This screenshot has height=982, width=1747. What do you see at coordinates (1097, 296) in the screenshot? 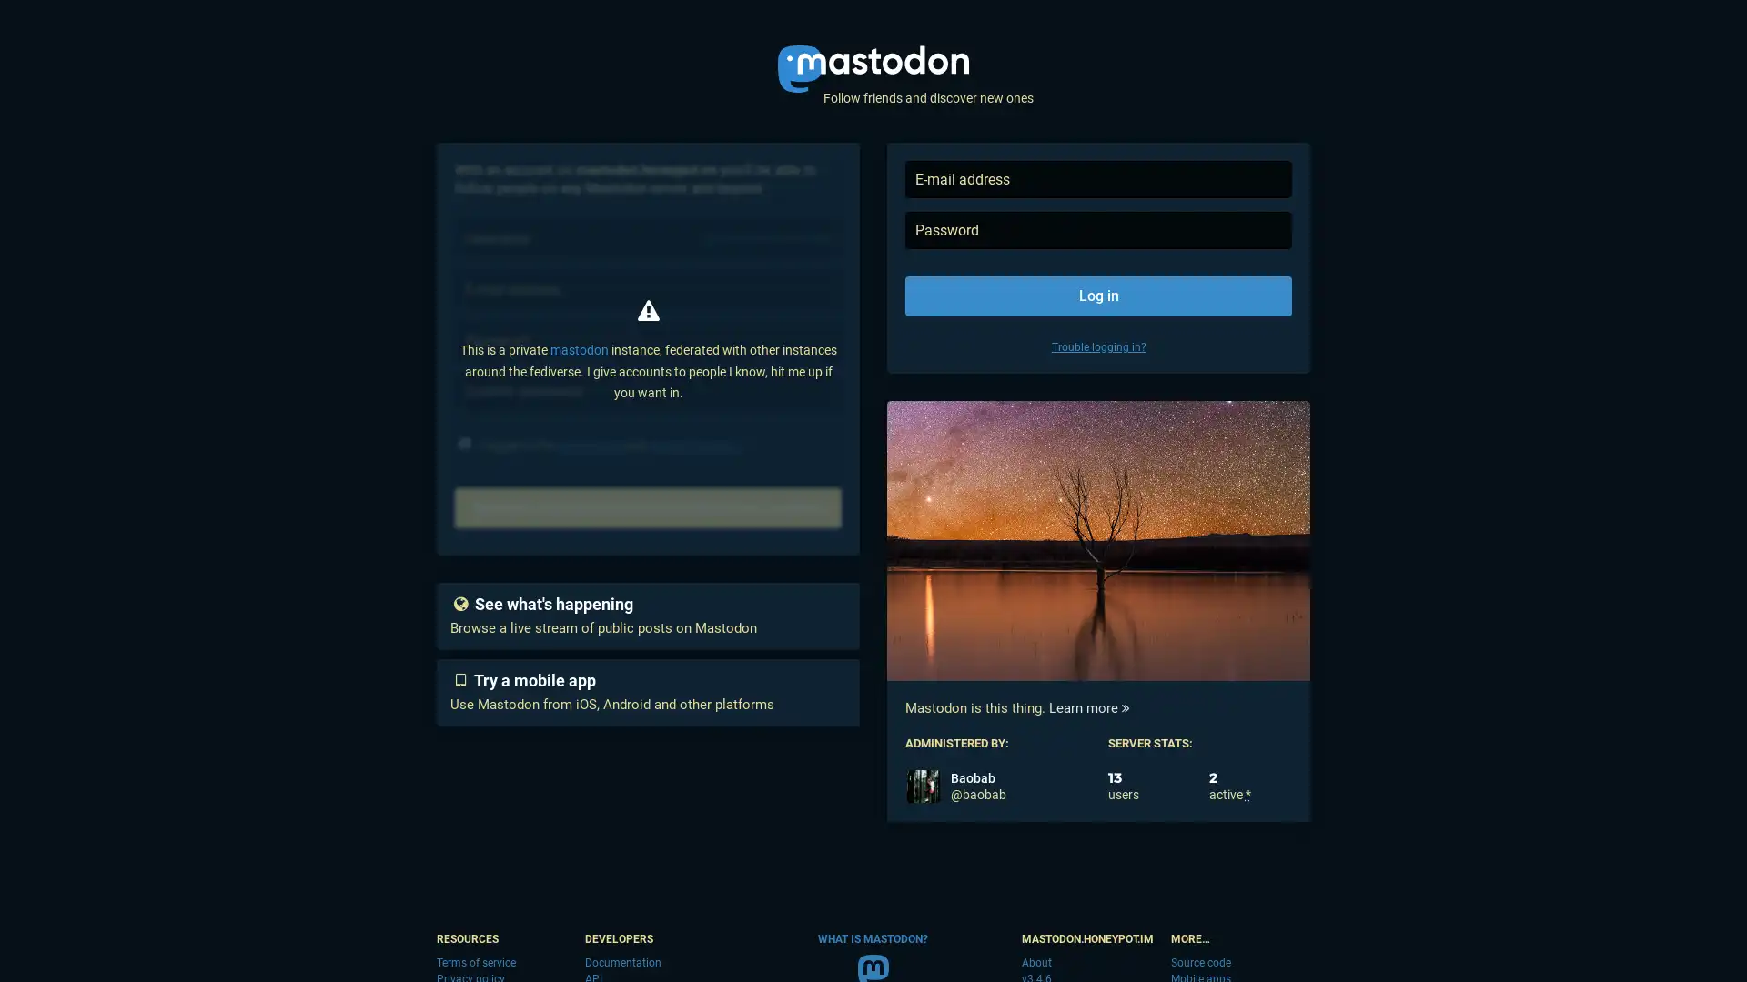
I see `Log in` at bounding box center [1097, 296].